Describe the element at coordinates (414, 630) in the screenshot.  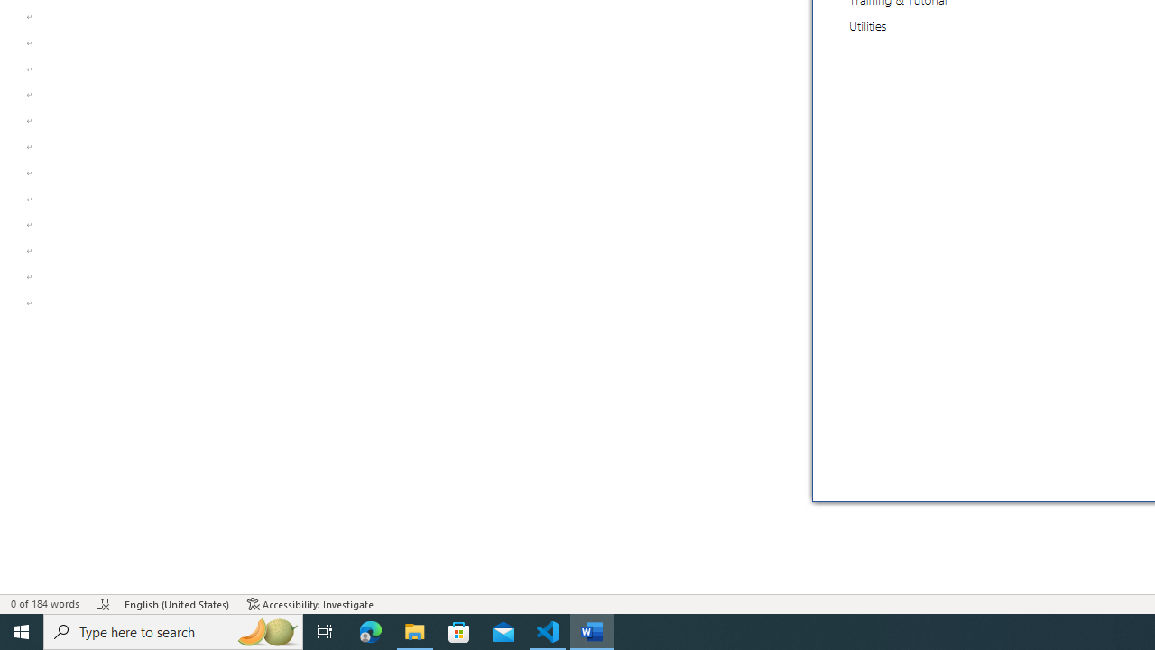
I see `'File Explorer - 1 running window'` at that location.